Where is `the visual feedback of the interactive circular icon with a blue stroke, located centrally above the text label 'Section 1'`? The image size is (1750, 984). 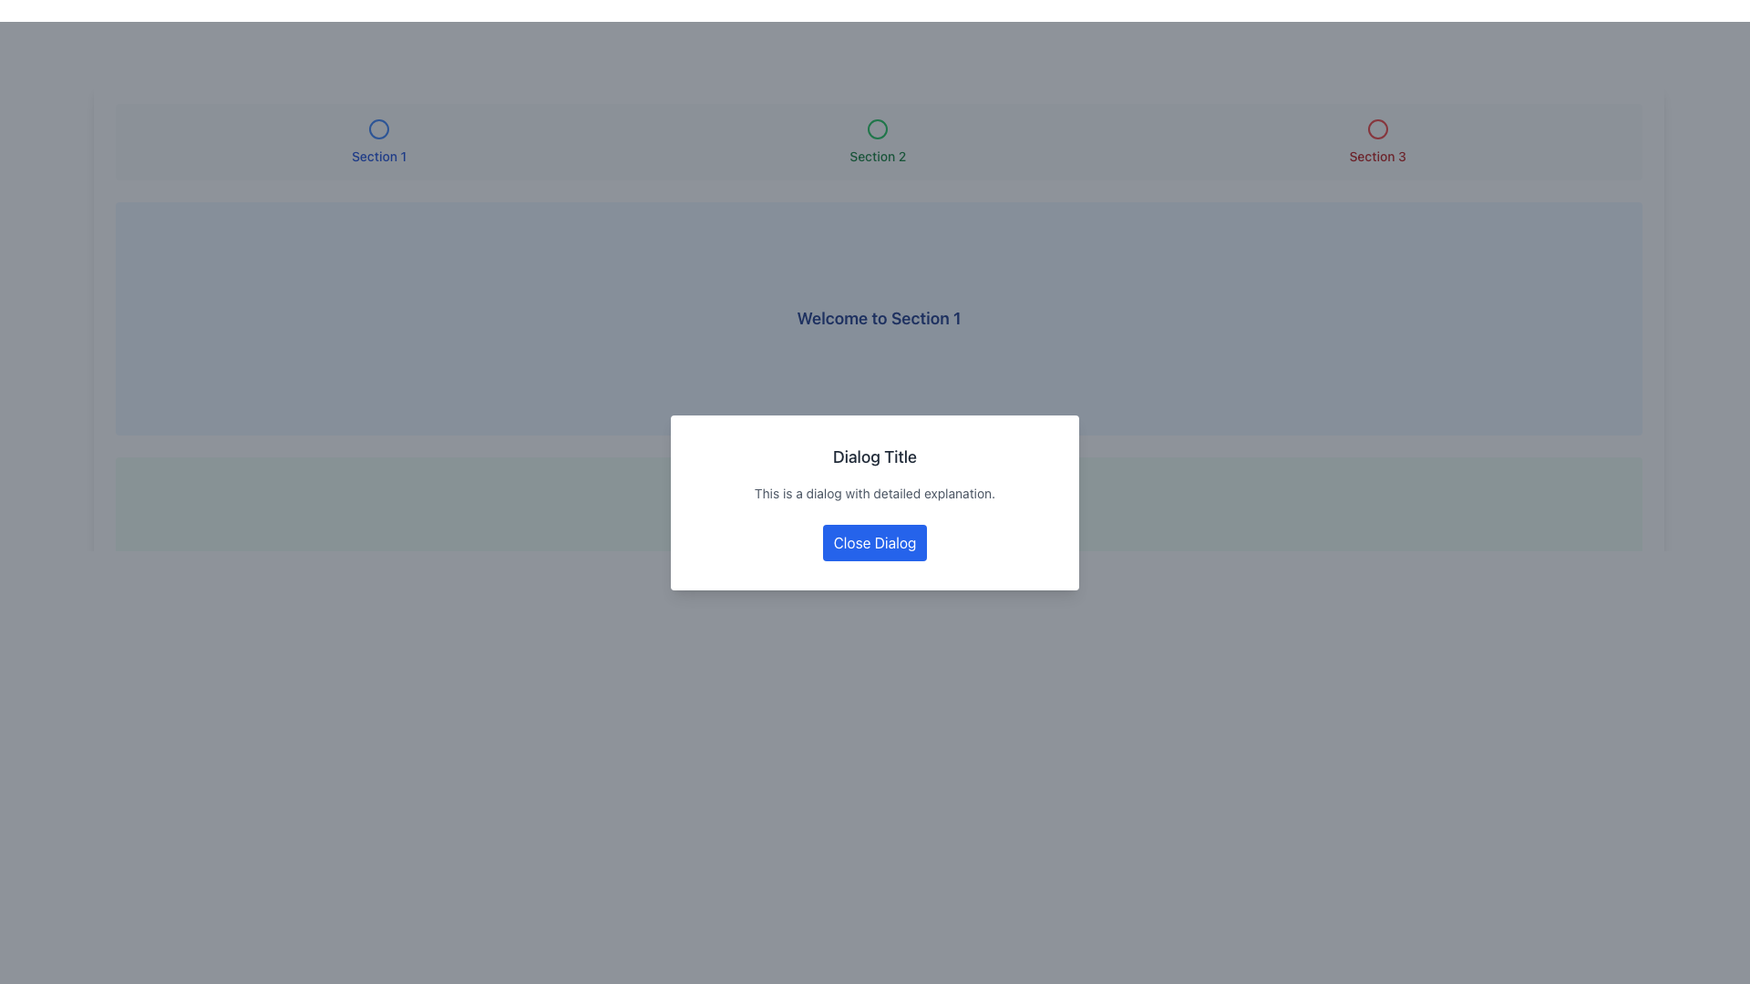 the visual feedback of the interactive circular icon with a blue stroke, located centrally above the text label 'Section 1' is located at coordinates (378, 128).